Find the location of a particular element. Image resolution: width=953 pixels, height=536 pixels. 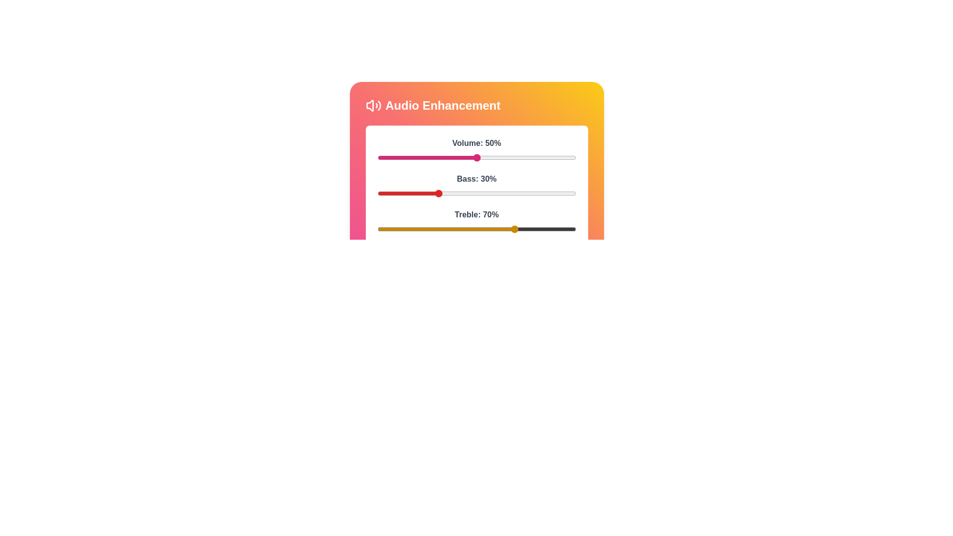

the Text Label element displaying 'Treble: 70%' which is styled in bold and charcoal-gray, located above the slider control is located at coordinates (476, 214).